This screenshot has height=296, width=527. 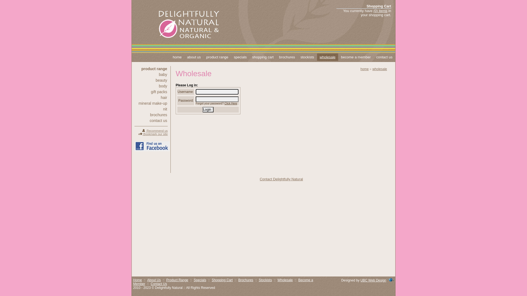 What do you see at coordinates (222, 280) in the screenshot?
I see `'Shopping Cart'` at bounding box center [222, 280].